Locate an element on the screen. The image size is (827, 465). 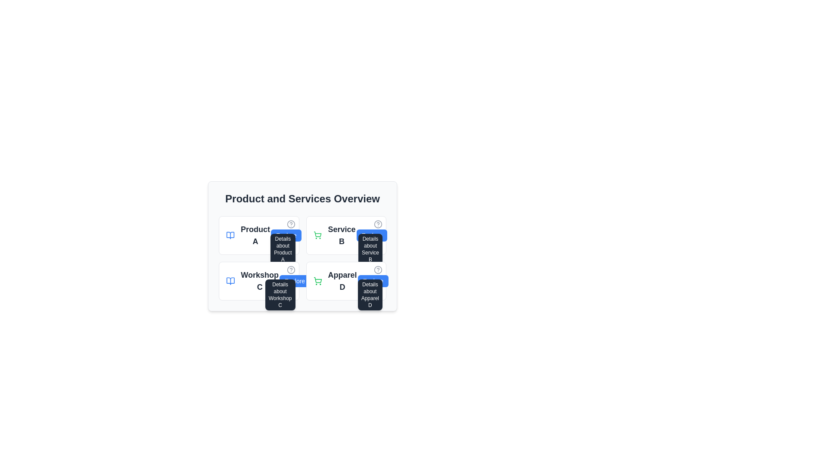
the Tooltip Trigger Icon, which is a circular icon with a '?' symbol inside, located at the upper-right corner of the 'Apparel D' product card is located at coordinates (378, 270).